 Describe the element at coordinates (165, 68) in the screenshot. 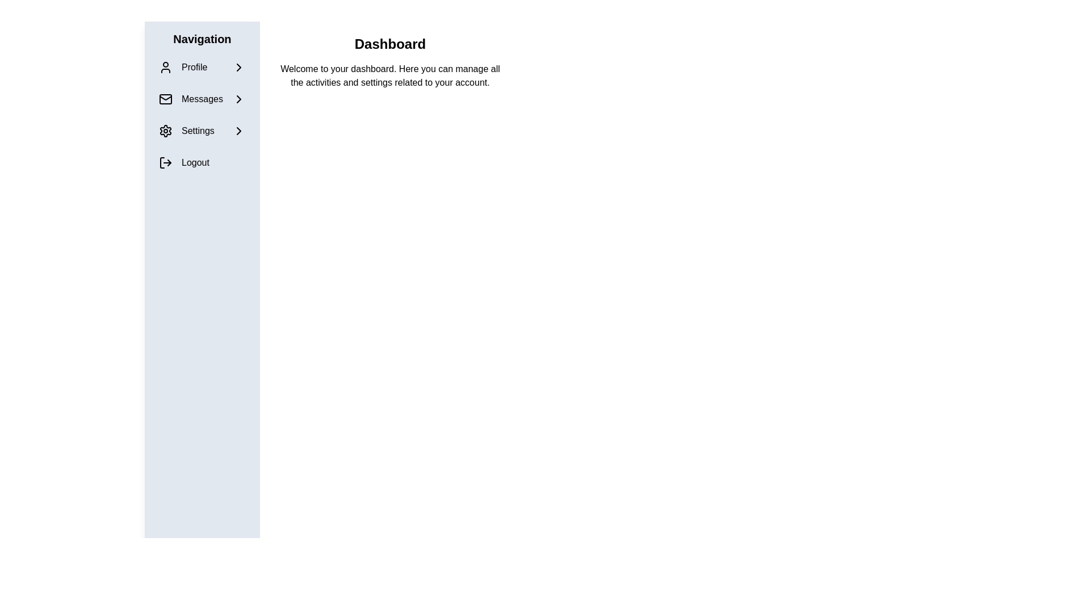

I see `the 'Profile' icon in the left-hand navigation bar, which is the first element under the 'Navigation' heading` at that location.